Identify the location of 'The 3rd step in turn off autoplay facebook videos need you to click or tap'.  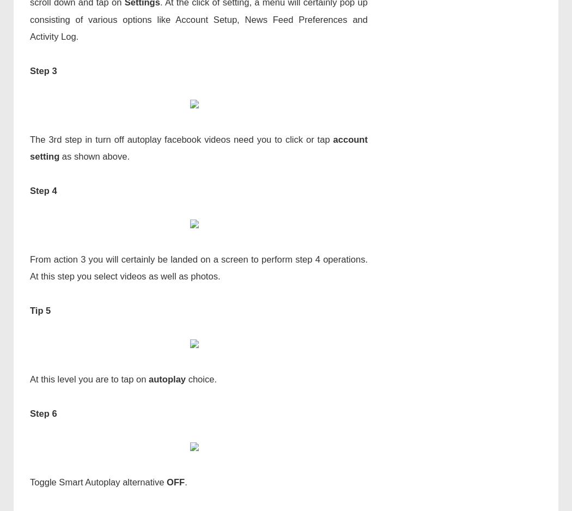
(181, 138).